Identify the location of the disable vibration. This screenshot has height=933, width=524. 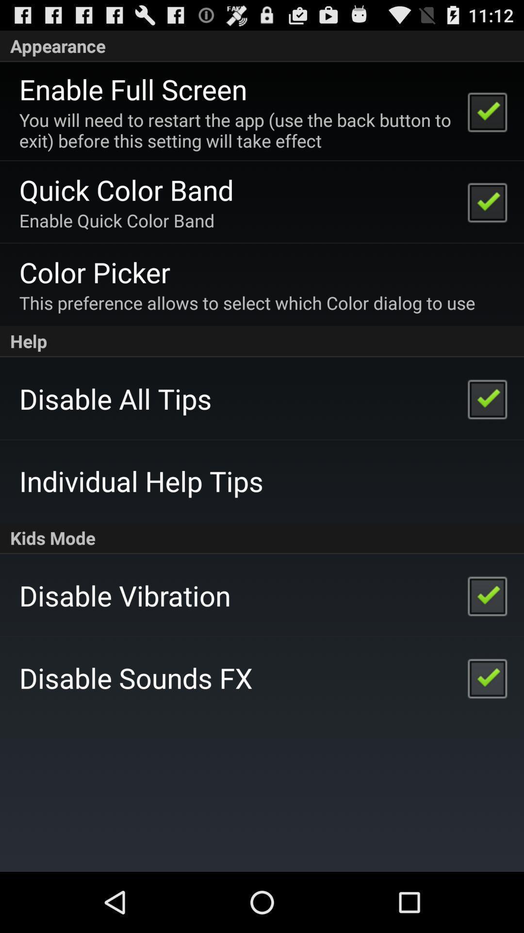
(124, 595).